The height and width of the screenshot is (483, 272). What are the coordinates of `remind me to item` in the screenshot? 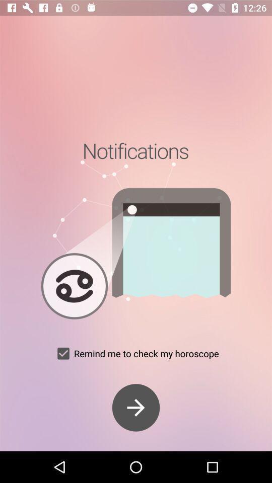 It's located at (135, 353).